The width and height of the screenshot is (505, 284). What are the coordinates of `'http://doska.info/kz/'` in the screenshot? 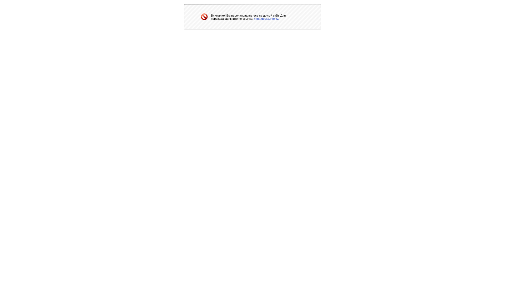 It's located at (266, 18).